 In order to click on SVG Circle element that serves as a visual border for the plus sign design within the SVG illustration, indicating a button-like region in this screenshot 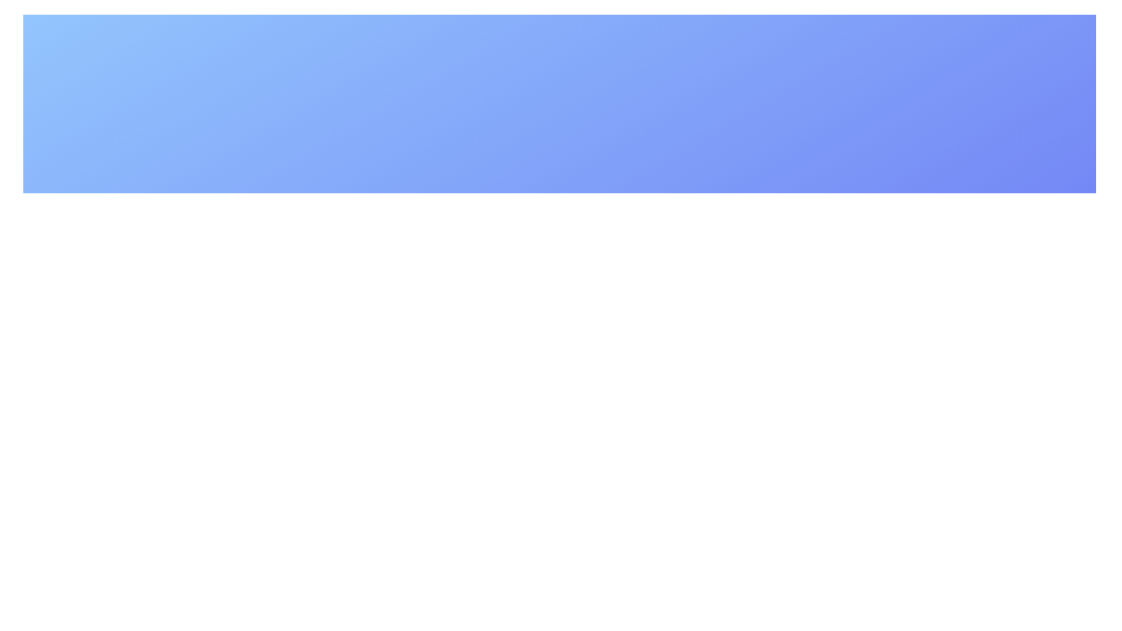, I will do `click(476, 303)`.